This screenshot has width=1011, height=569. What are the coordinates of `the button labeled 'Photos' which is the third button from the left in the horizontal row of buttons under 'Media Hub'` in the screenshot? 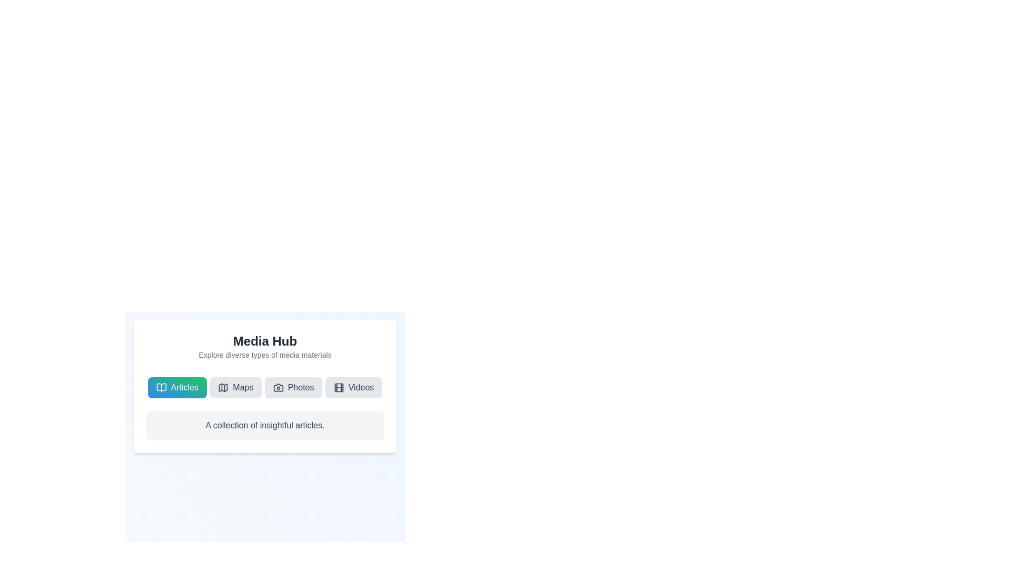 It's located at (293, 388).